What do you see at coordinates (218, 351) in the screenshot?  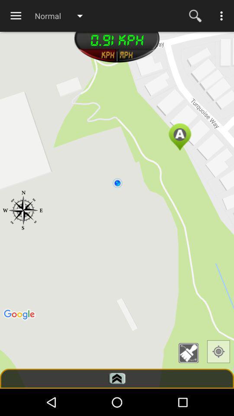 I see `gps icon` at bounding box center [218, 351].